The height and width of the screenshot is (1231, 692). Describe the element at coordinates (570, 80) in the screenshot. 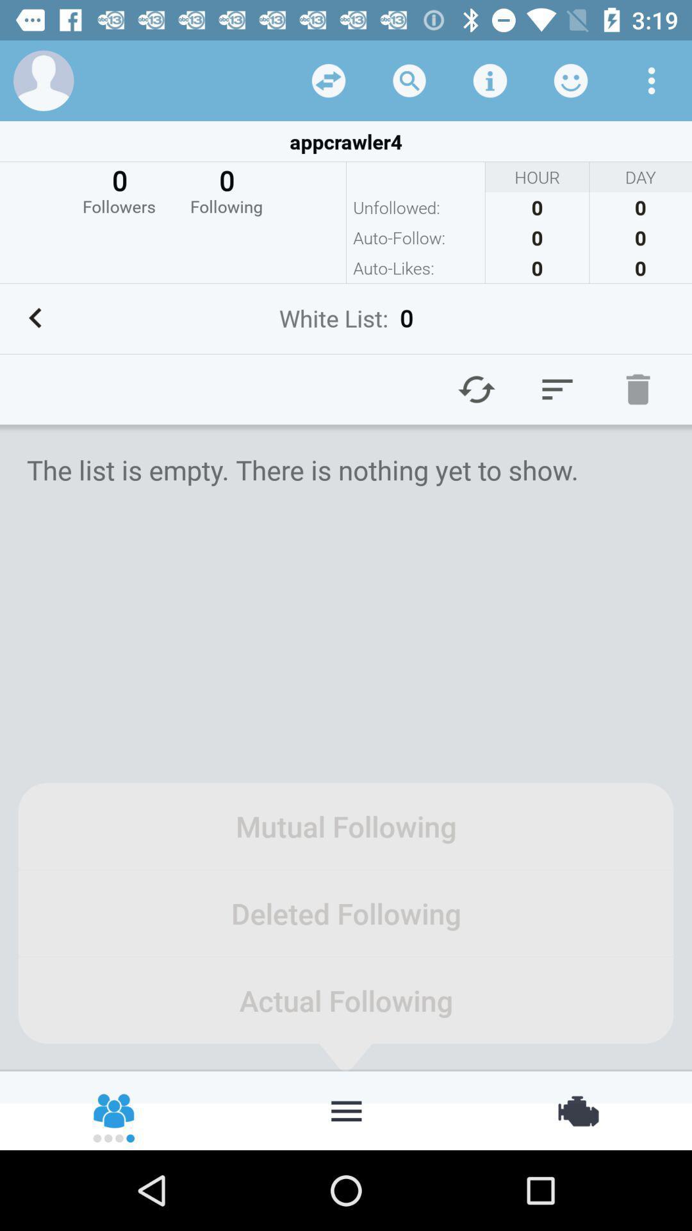

I see `the button which is next to the information` at that location.